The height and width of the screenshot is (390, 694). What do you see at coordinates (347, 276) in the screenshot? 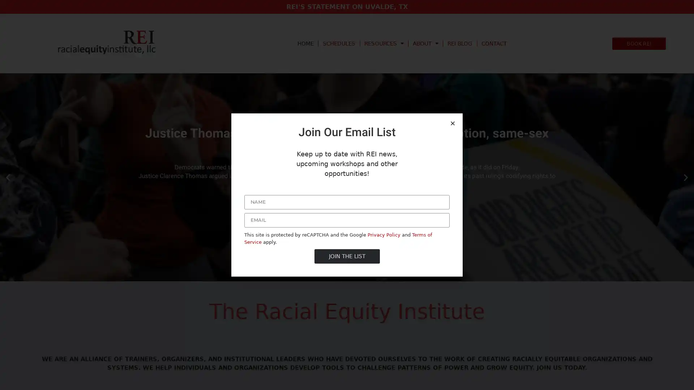
I see `Go to slide 2` at bounding box center [347, 276].